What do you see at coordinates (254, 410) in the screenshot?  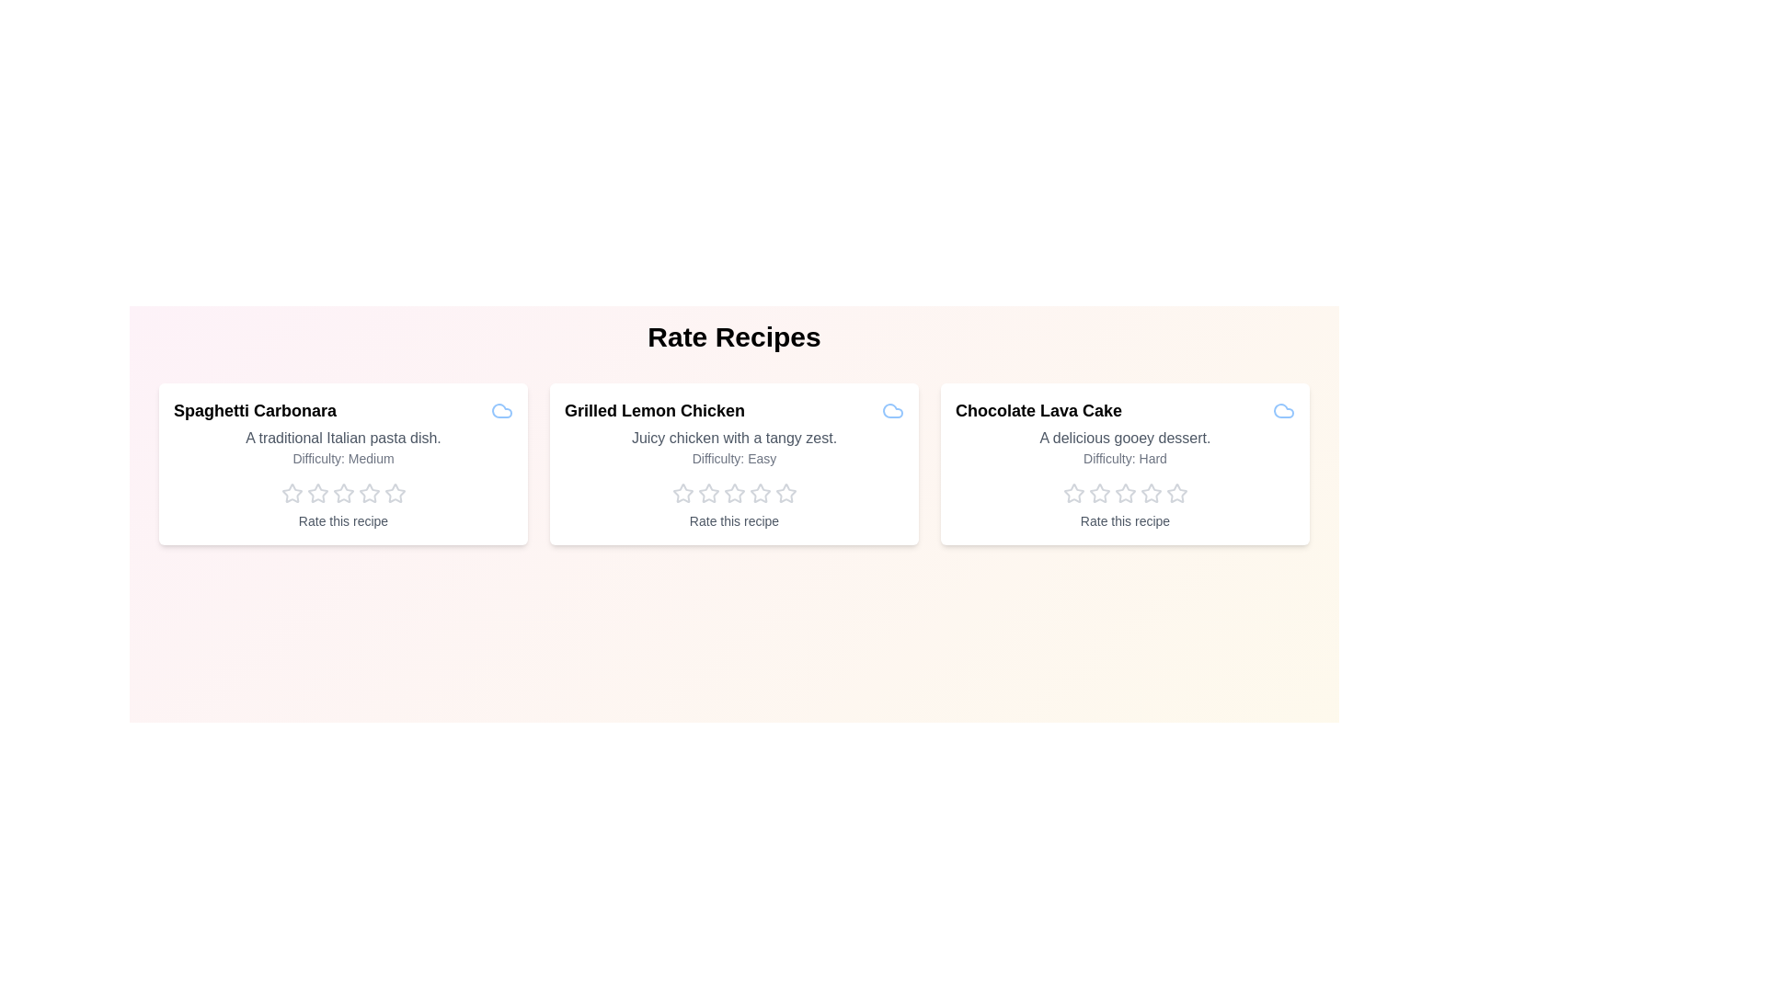 I see `the title of the recipe Spaghetti Carbonara to view its information` at bounding box center [254, 410].